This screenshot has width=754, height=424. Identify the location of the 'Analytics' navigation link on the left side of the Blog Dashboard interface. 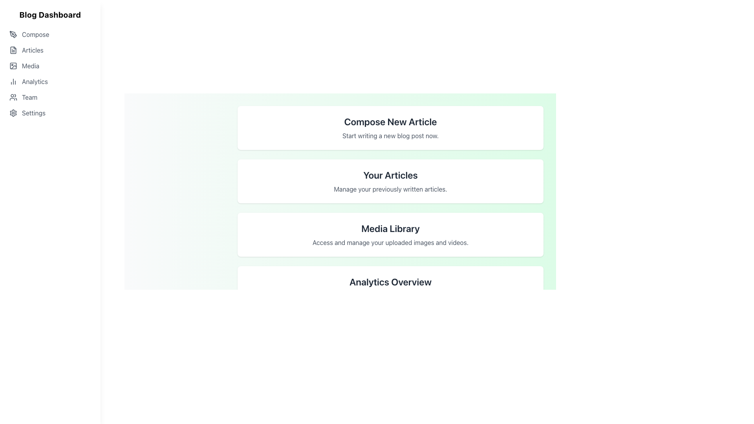
(50, 74).